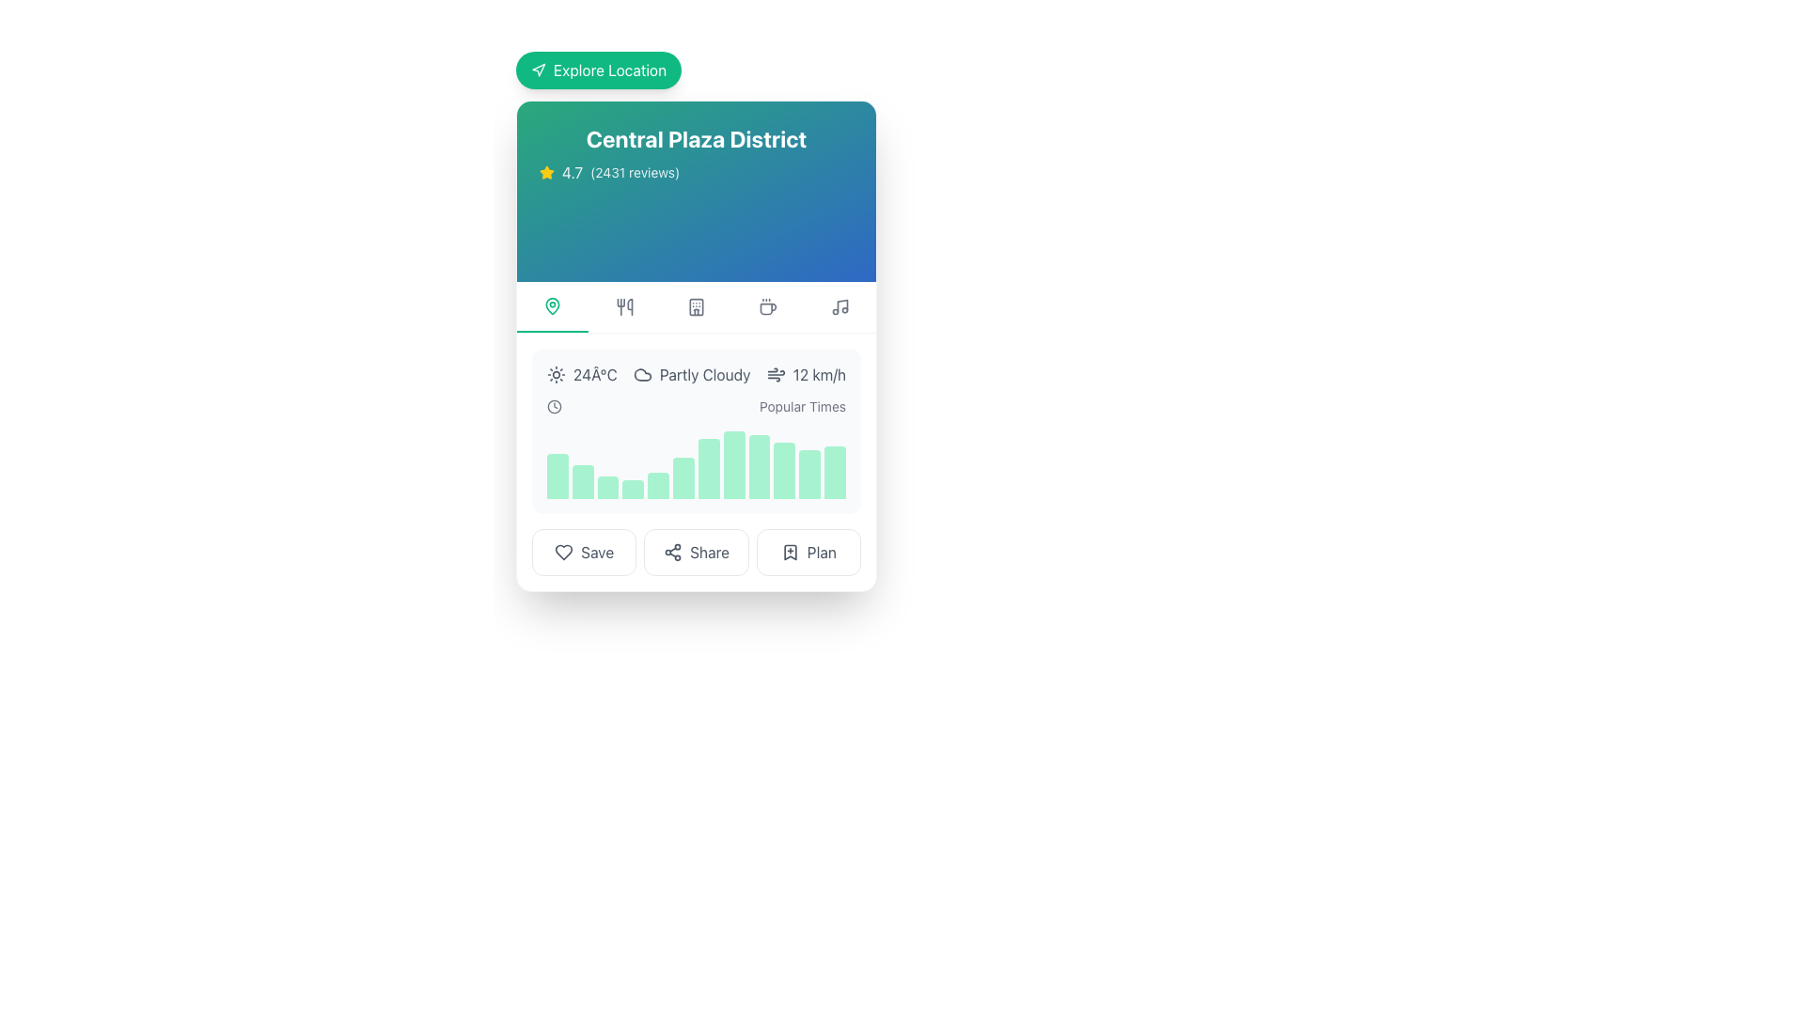 The height and width of the screenshot is (1015, 1805). What do you see at coordinates (784, 470) in the screenshot?
I see `the 10th bar in the horizontal bar graph that visually represents data for a specific time period's popularity level` at bounding box center [784, 470].